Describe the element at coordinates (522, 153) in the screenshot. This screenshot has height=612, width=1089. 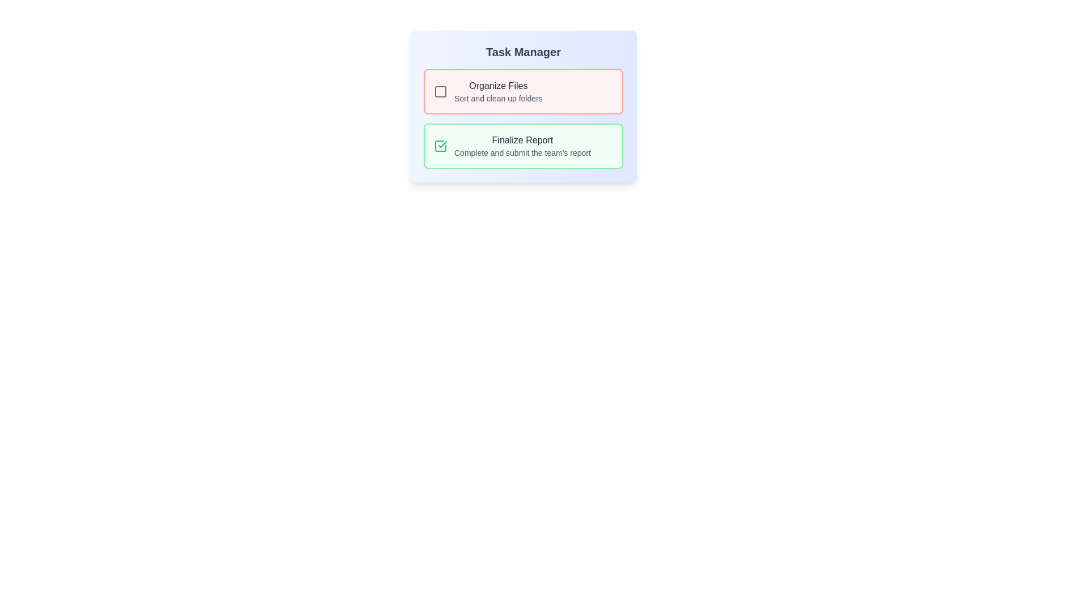
I see `the static text that reads 'Complete and submit the team's report', which is positioned underneath the bold title 'Finalize Report' within a green-bordered rectangular section` at that location.